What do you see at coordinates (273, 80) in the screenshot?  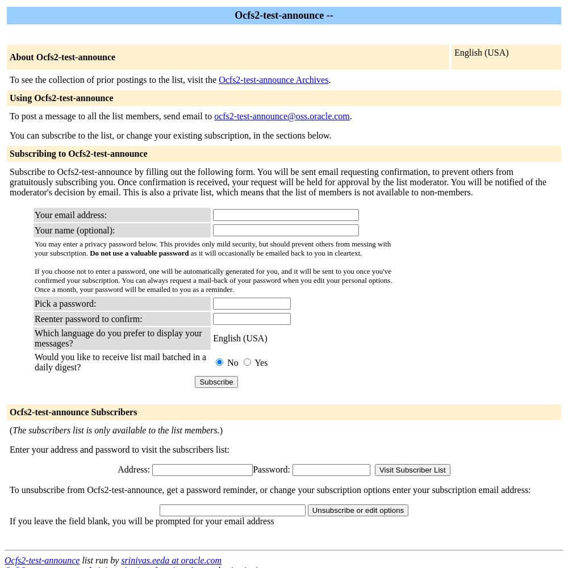 I see `'Ocfs2-test-announce
		  Archives'` at bounding box center [273, 80].